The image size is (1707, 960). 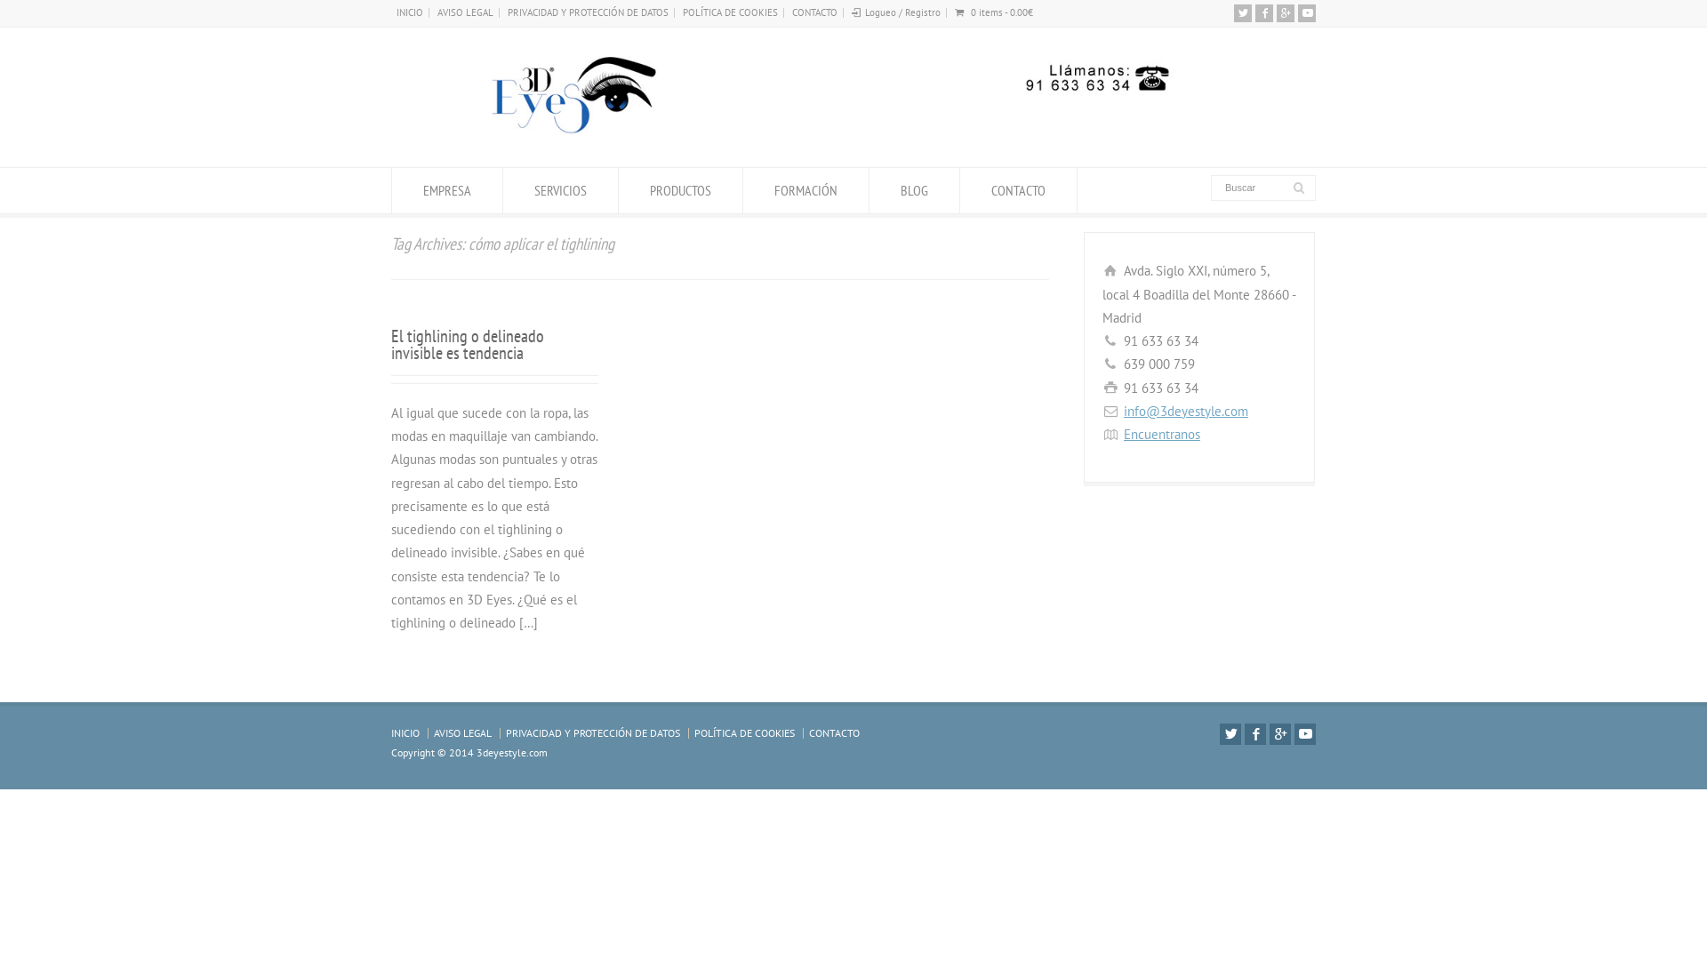 I want to click on 'YouTube', so click(x=1305, y=733).